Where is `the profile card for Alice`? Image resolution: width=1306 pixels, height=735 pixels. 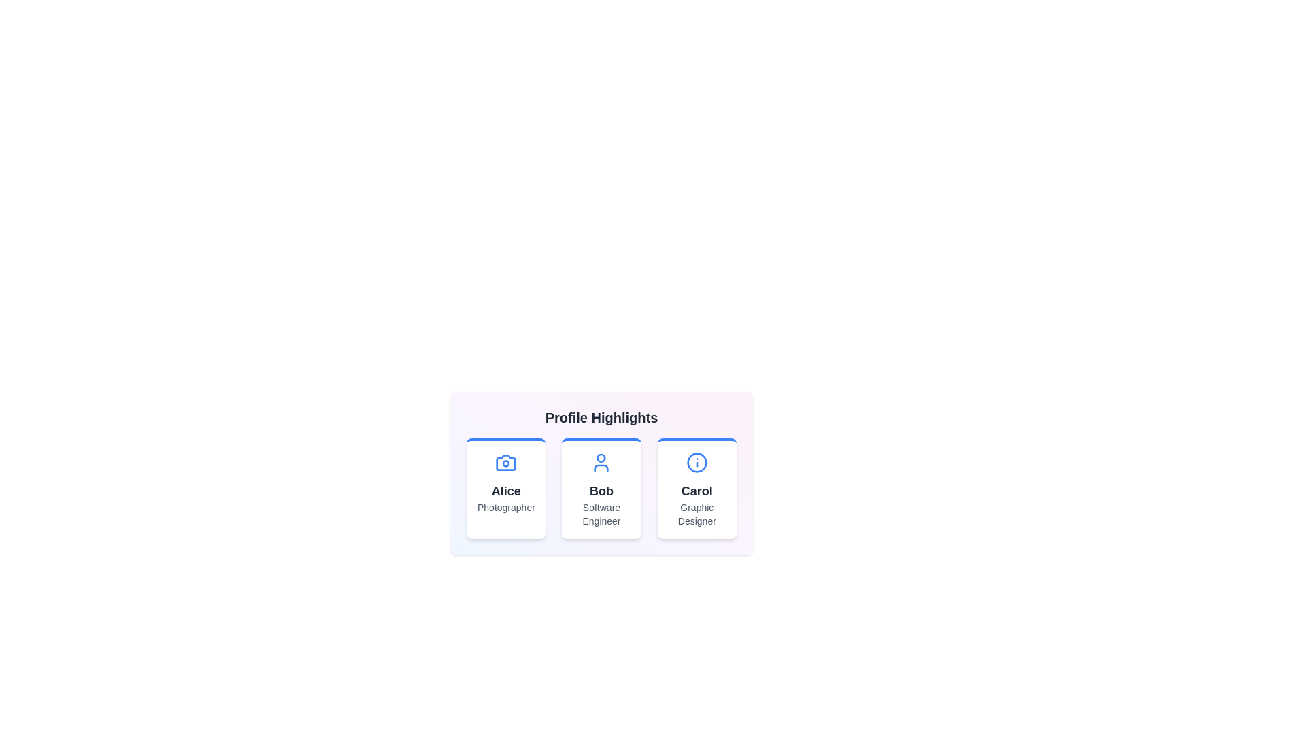
the profile card for Alice is located at coordinates (505, 487).